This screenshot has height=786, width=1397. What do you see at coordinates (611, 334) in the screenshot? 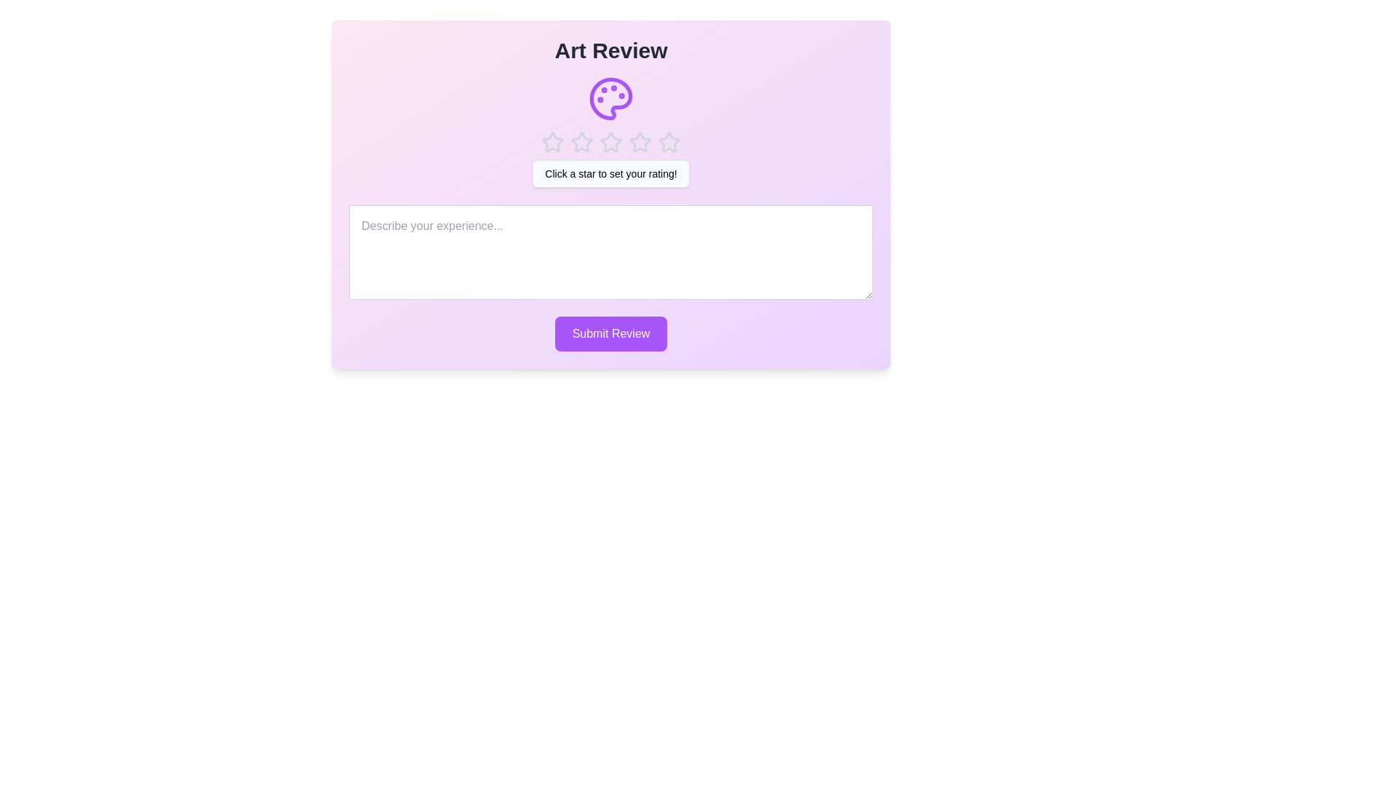
I see `the 'Submit Review' button to submit the review` at bounding box center [611, 334].